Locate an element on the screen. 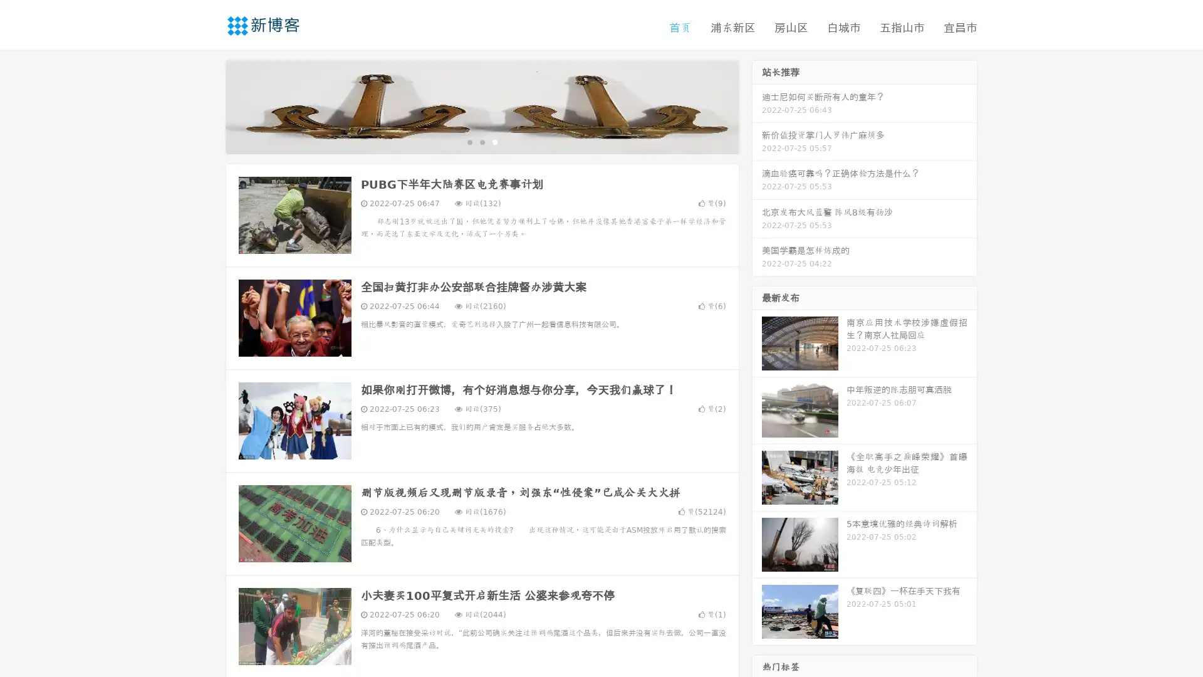  Go to slide 3 is located at coordinates (494, 141).